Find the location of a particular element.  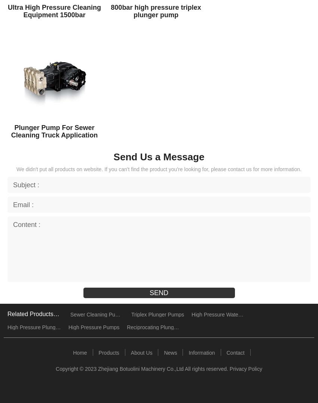

'News' is located at coordinates (170, 352).